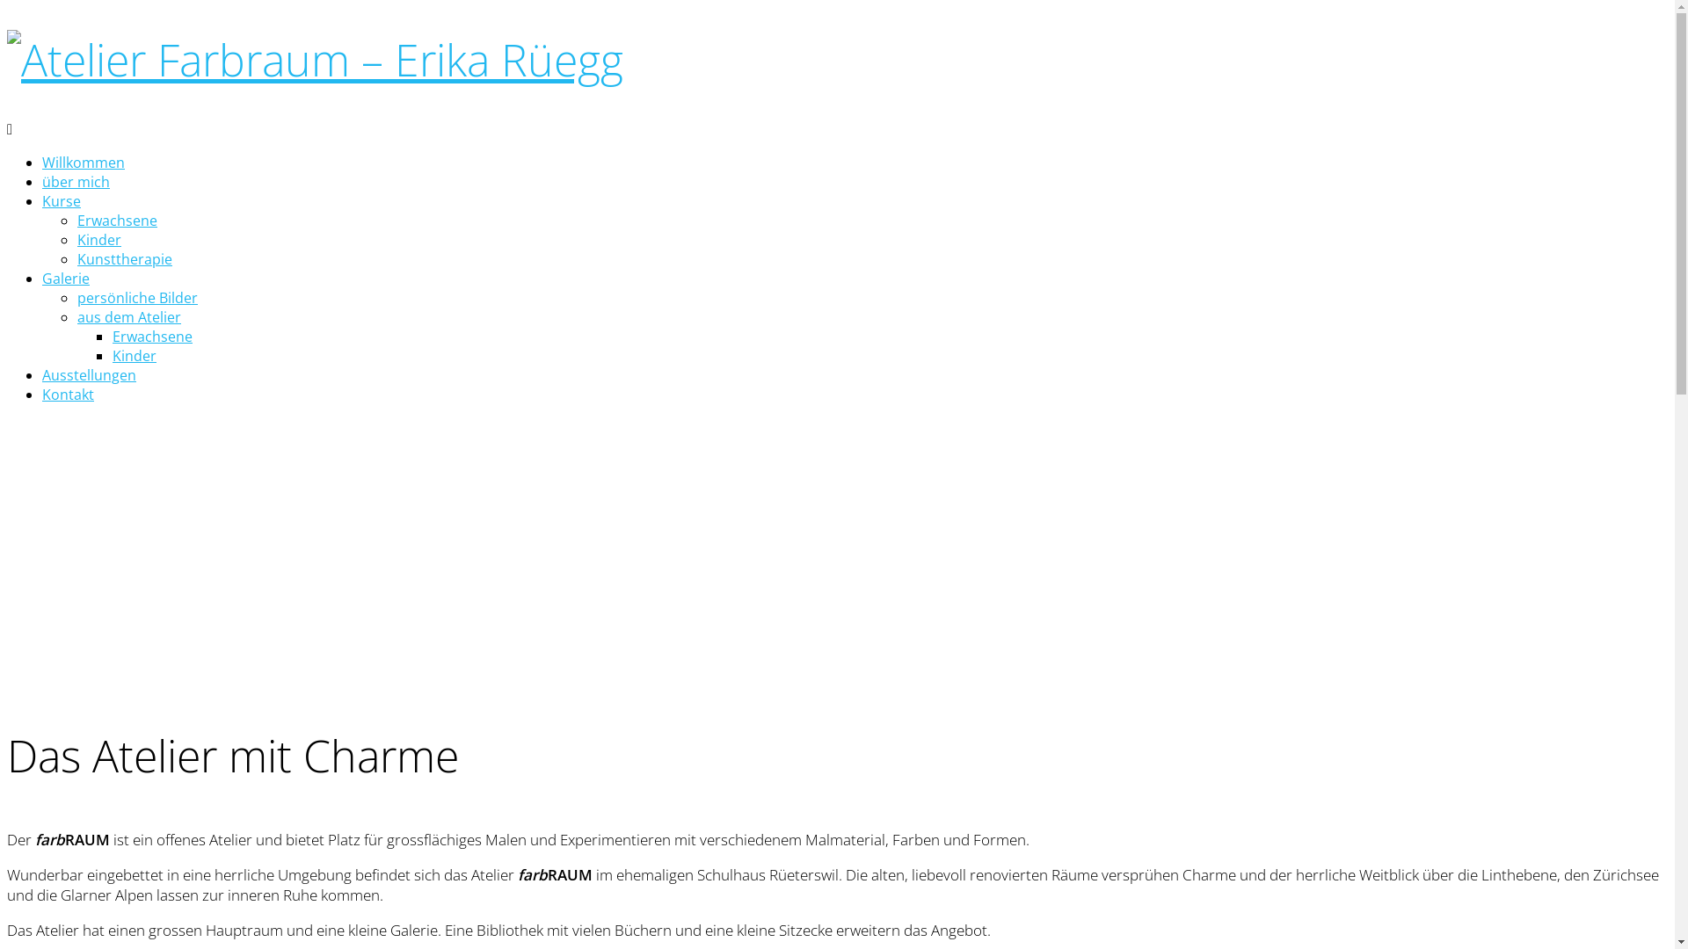 This screenshot has height=949, width=1688. I want to click on 'Erwachsene', so click(116, 219).